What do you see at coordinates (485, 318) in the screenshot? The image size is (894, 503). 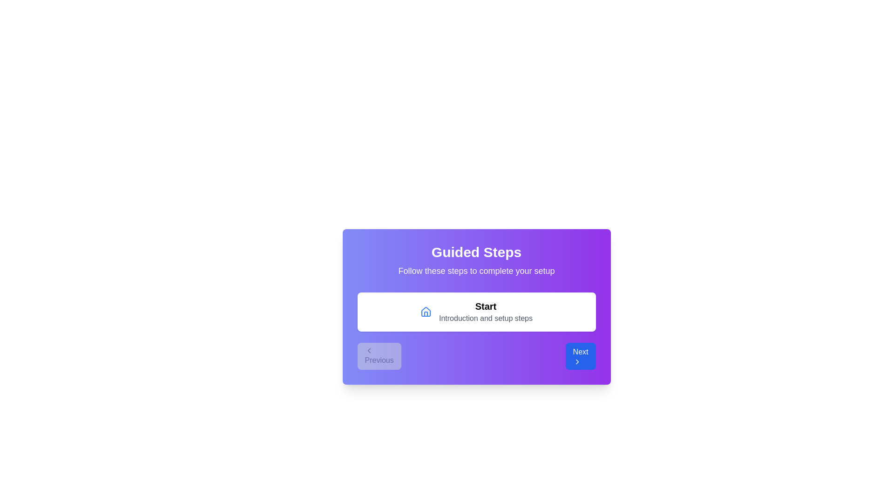 I see `the text label that displays 'Introduction and setup steps', which is positioned below the 'Start' label within a white box on a vivid purple background` at bounding box center [485, 318].